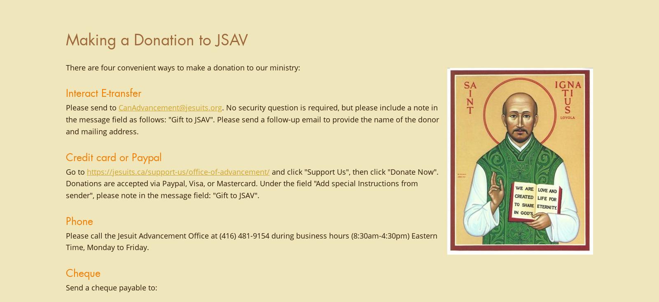  I want to click on 'Please call the Jesuit Advancement Office at (416) 481-9154 during business hours (8:30am-4:30pm) Eastern Time, Monday to Friday.', so click(252, 241).